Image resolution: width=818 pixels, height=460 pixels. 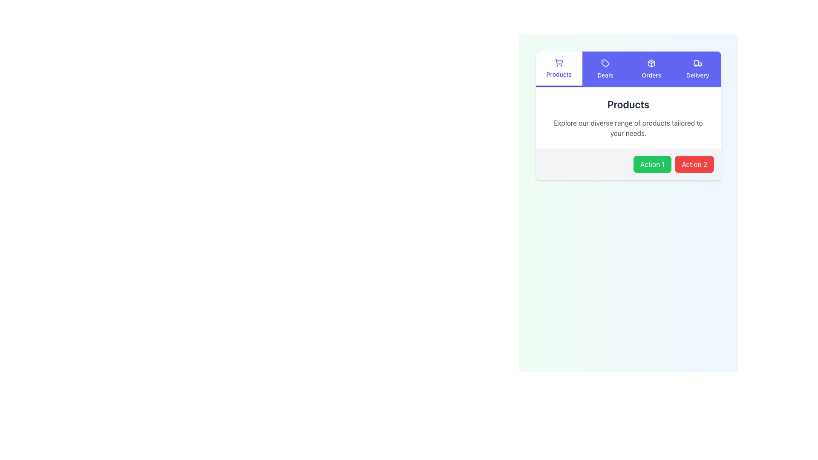 What do you see at coordinates (694, 164) in the screenshot?
I see `the second button labeled 'Action 2' located at the bottom-right of the 'Products' card` at bounding box center [694, 164].